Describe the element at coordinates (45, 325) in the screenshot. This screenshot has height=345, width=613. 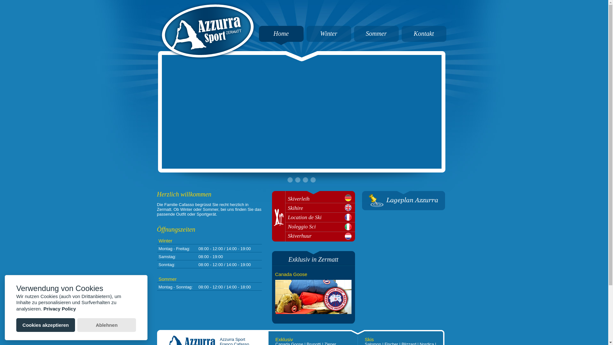
I see `'Cookies akzeptieren'` at that location.